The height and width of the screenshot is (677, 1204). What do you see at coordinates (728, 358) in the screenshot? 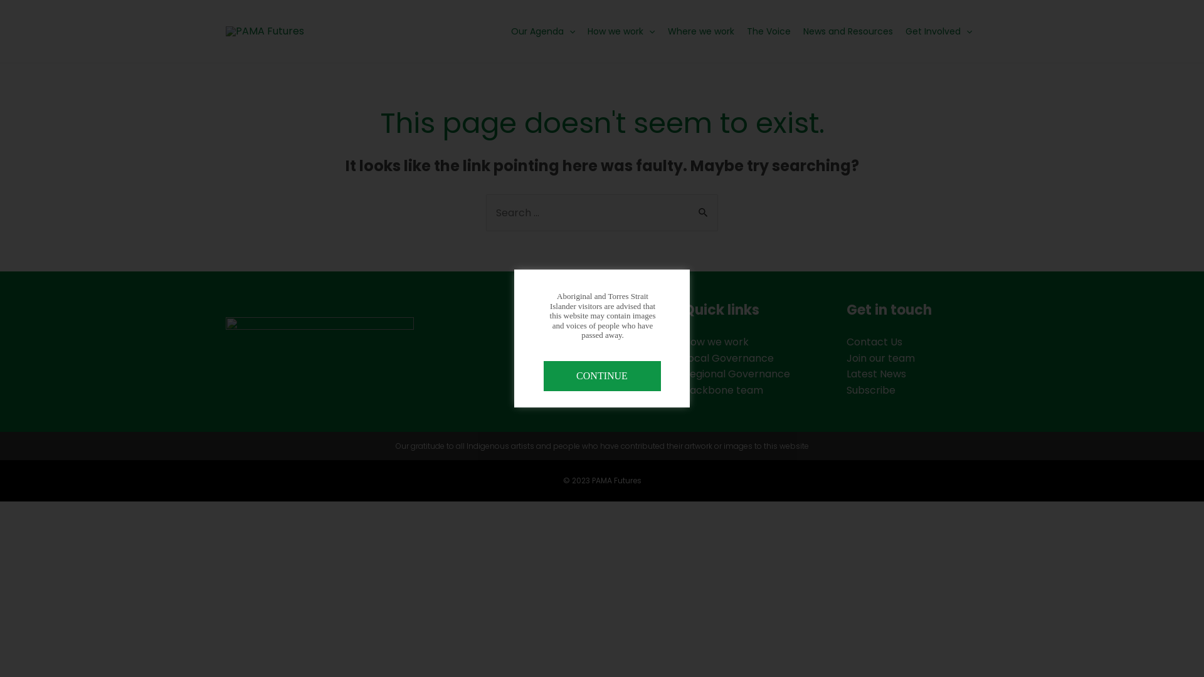
I see `'Local Governance'` at bounding box center [728, 358].